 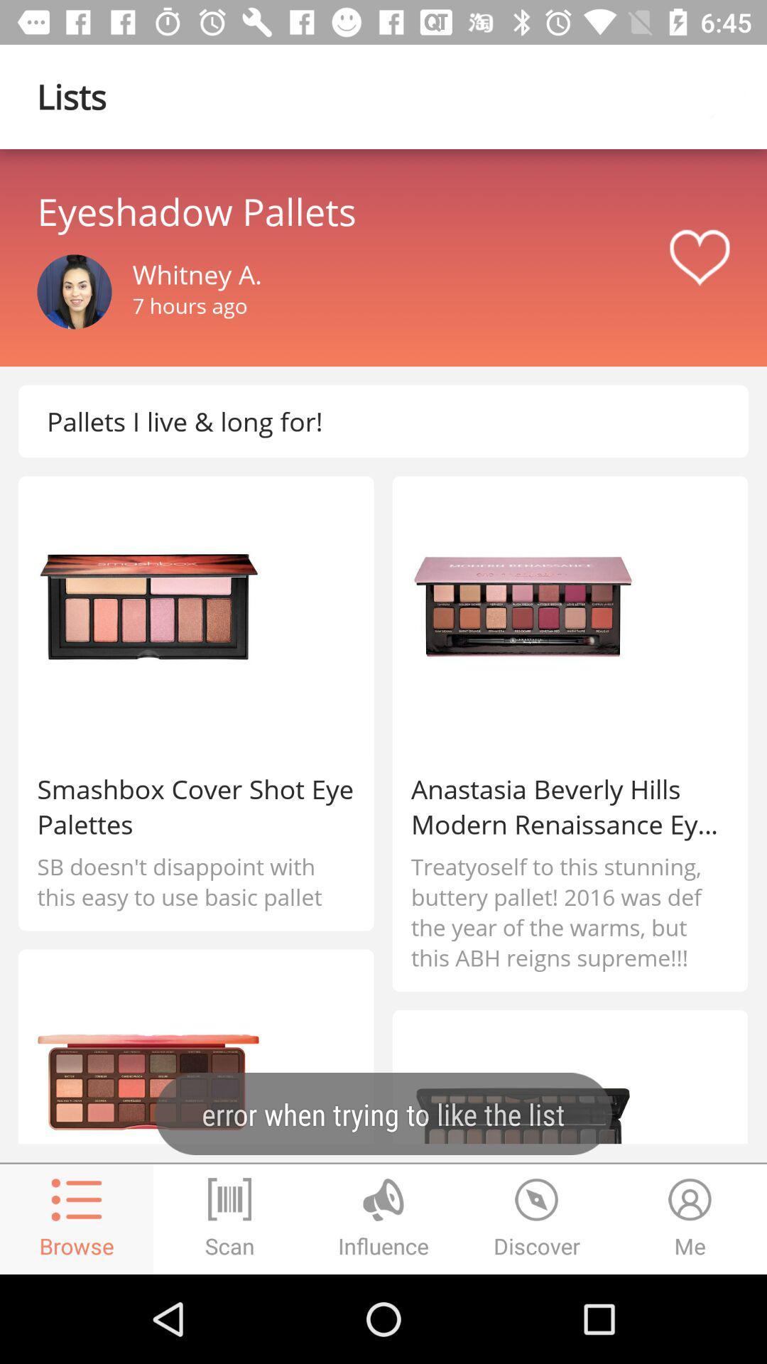 What do you see at coordinates (74, 291) in the screenshot?
I see `image setting the mail` at bounding box center [74, 291].